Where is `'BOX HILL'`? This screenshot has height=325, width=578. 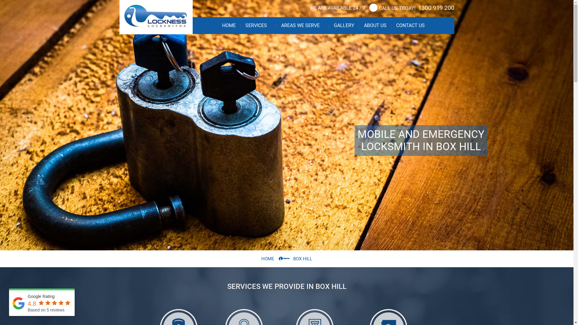 'BOX HILL' is located at coordinates (303, 258).